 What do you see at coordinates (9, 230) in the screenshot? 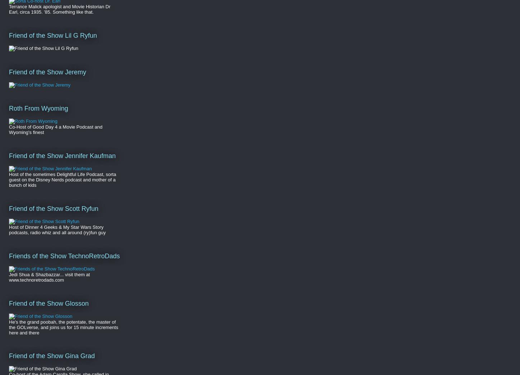
I see `'Host of Dinner 4 Geeks & My Star Wars Story podcasts, radio whiz and all around (ry)fun guy'` at bounding box center [9, 230].